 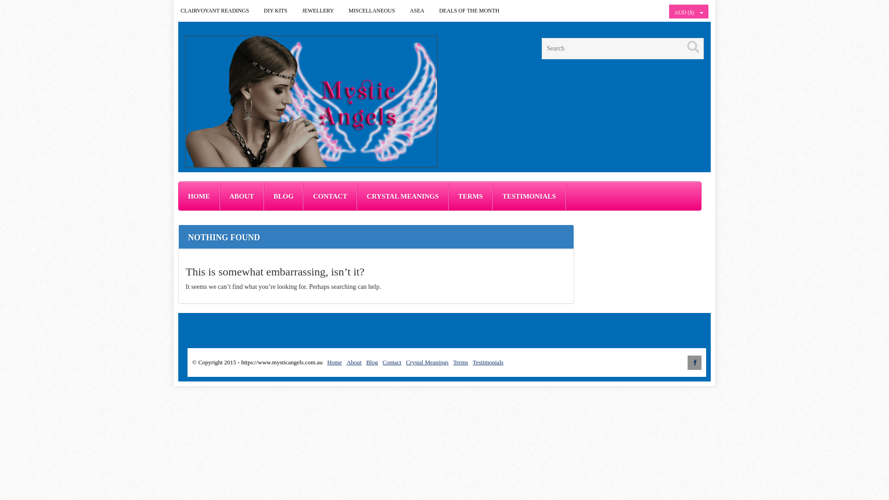 What do you see at coordinates (426, 362) in the screenshot?
I see `'Crystal Meanings'` at bounding box center [426, 362].